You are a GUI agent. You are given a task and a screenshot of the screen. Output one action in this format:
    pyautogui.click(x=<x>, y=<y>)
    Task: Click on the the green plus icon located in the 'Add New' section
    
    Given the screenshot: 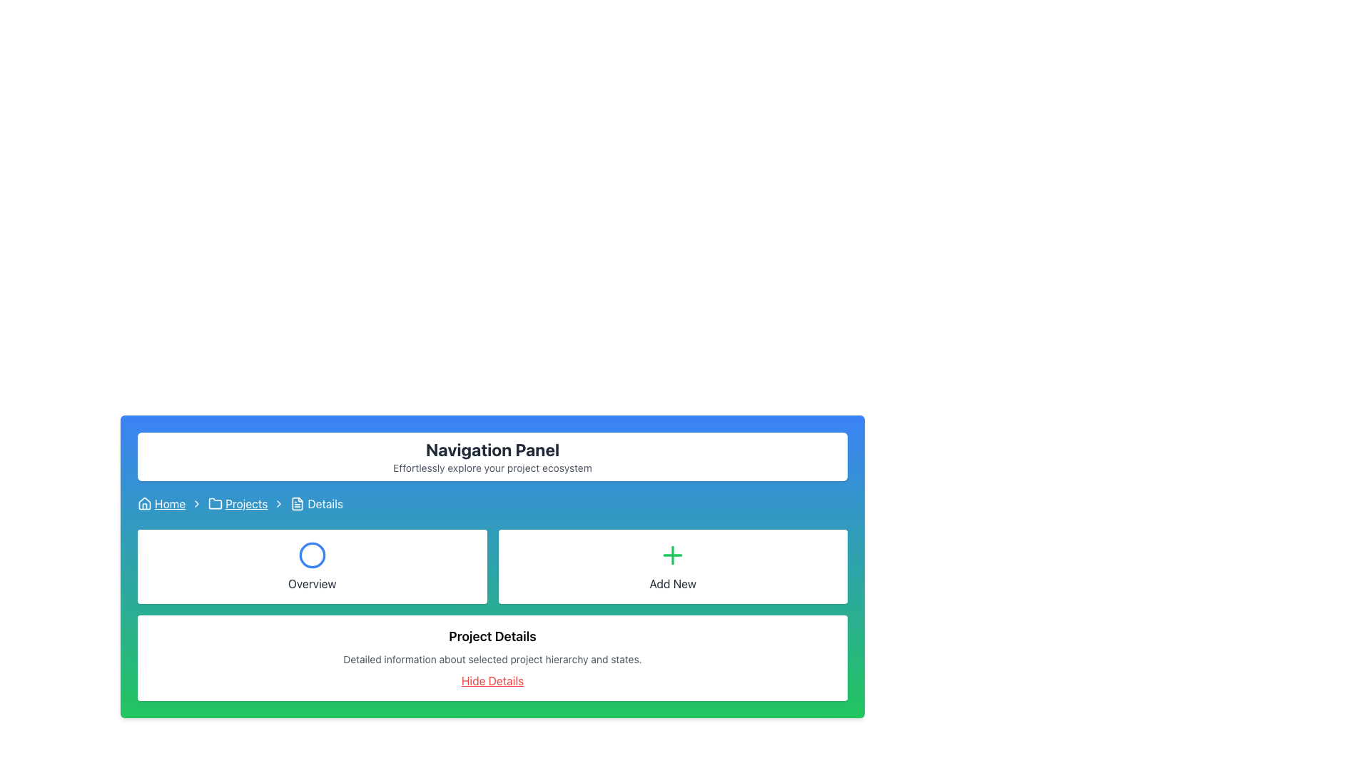 What is the action you would take?
    pyautogui.click(x=672, y=555)
    